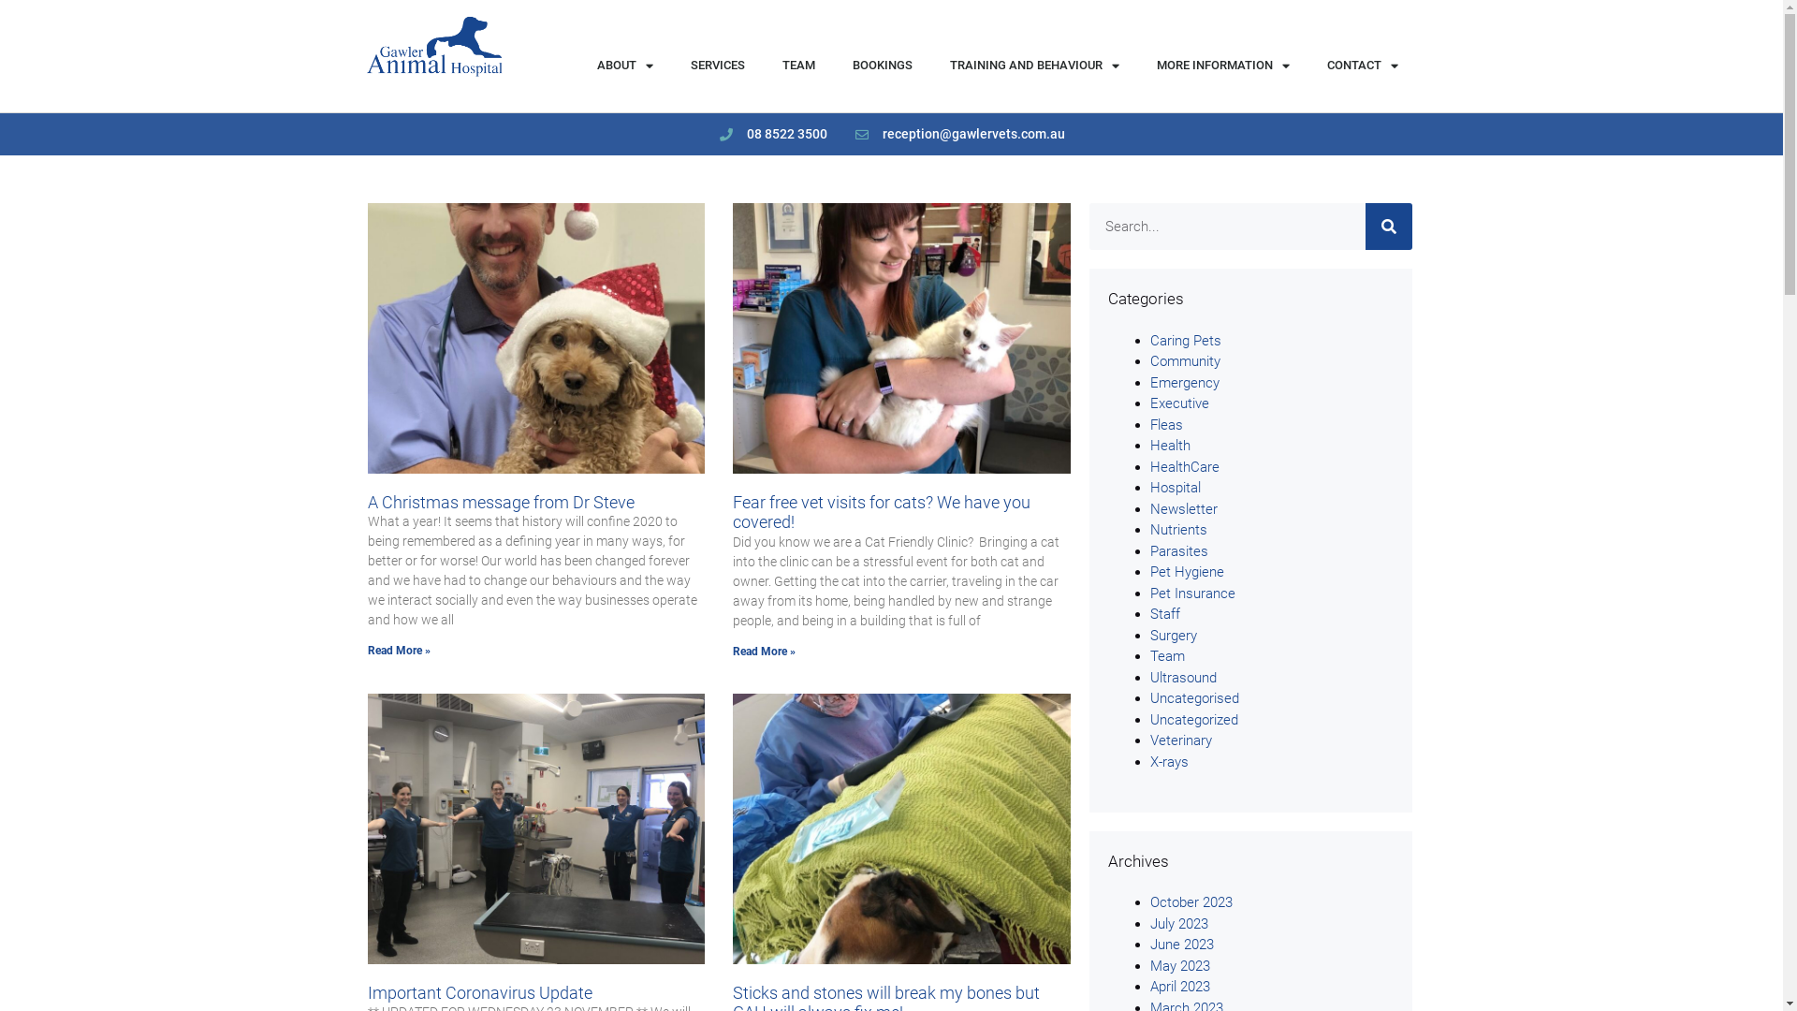  Describe the element at coordinates (773, 133) in the screenshot. I see `'08 8522 3500'` at that location.